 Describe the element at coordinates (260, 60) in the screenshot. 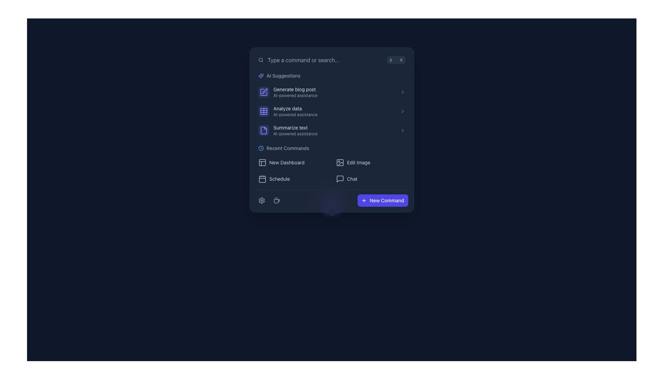

I see `the search icon located at the left side of the search bar` at that location.